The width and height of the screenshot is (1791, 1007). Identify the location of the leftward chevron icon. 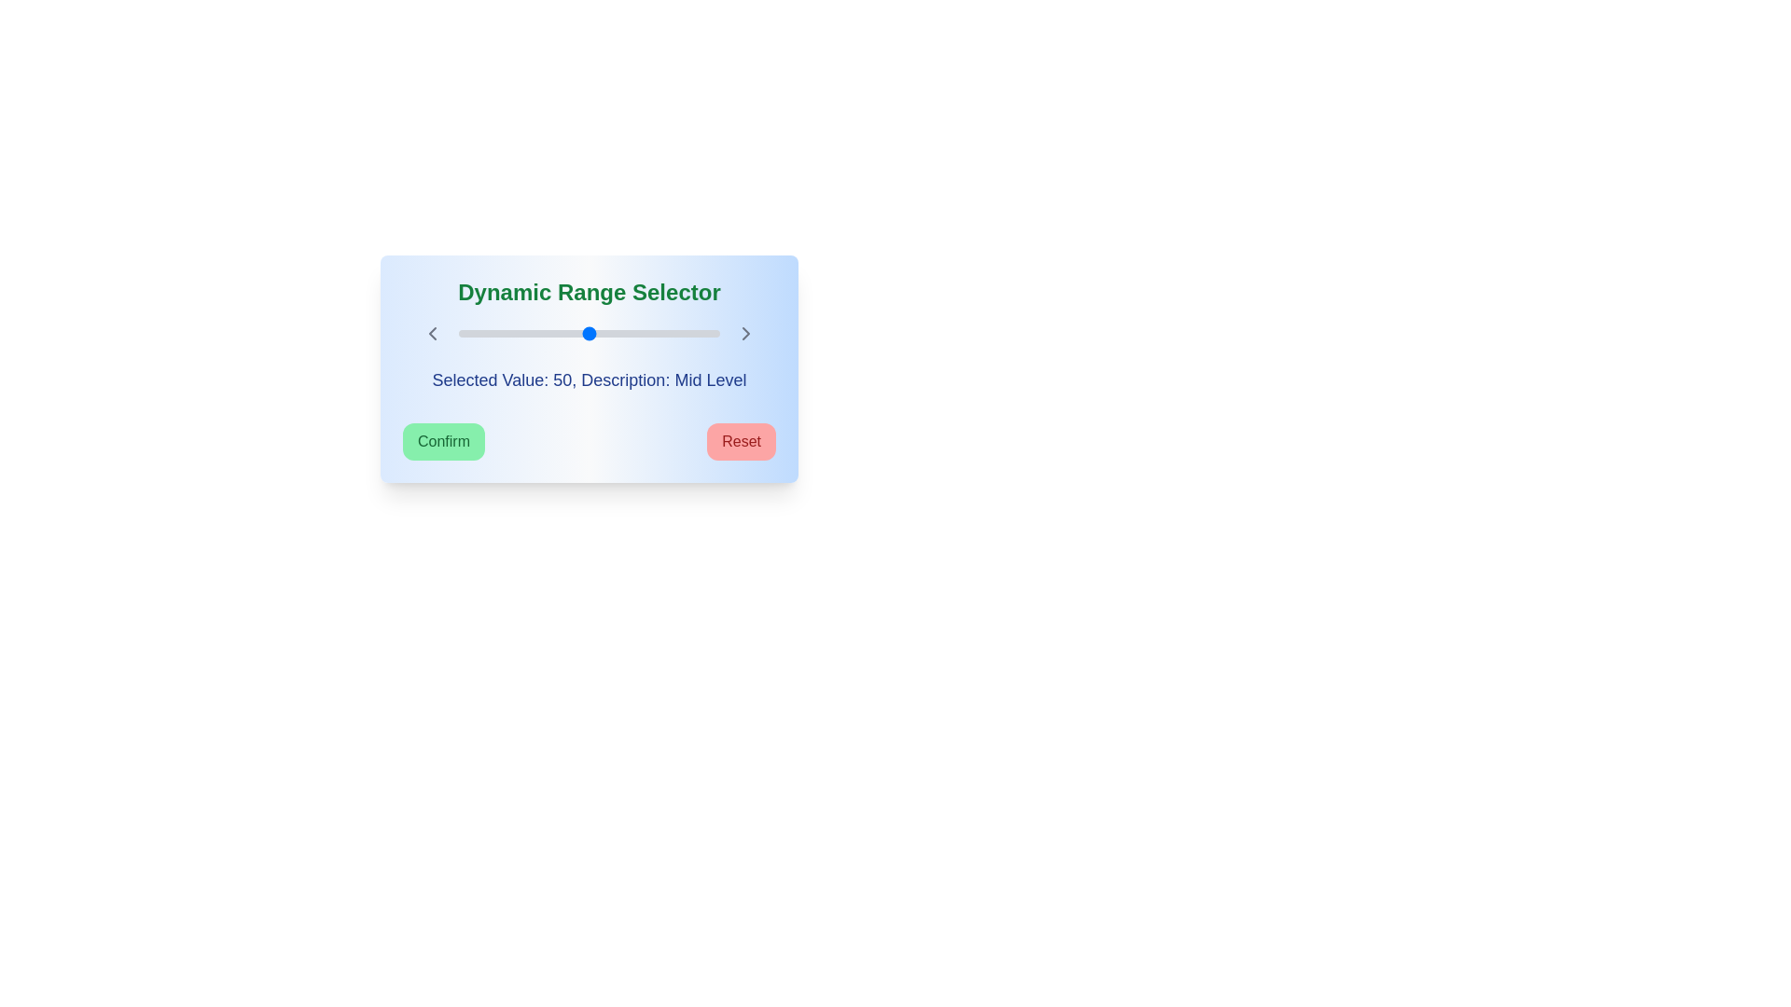
(432, 333).